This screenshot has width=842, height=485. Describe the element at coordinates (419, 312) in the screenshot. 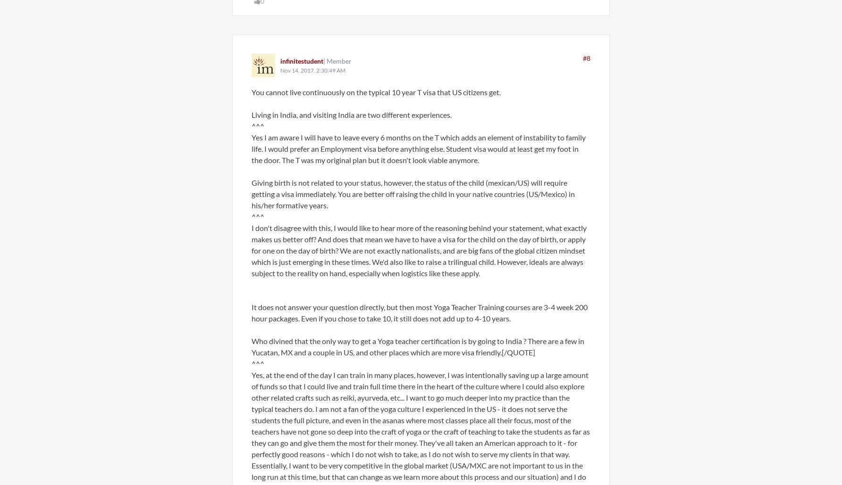

I see `'It does not answer your question directly, but then most Yoga Teacher Training courses are 3-4 week 200 hour packages. Even if you chose to take 10, it still does not add up to 4-10 years.'` at that location.